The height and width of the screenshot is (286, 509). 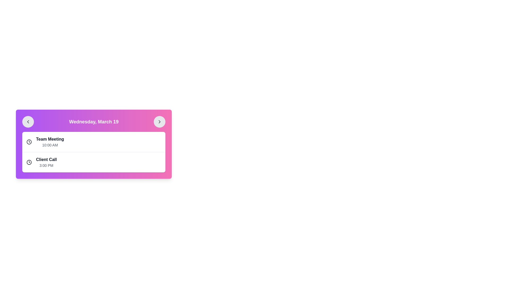 What do you see at coordinates (28, 122) in the screenshot?
I see `the SVG graphical icon indicating a backward action located in the circular button on the left of the header bar` at bounding box center [28, 122].